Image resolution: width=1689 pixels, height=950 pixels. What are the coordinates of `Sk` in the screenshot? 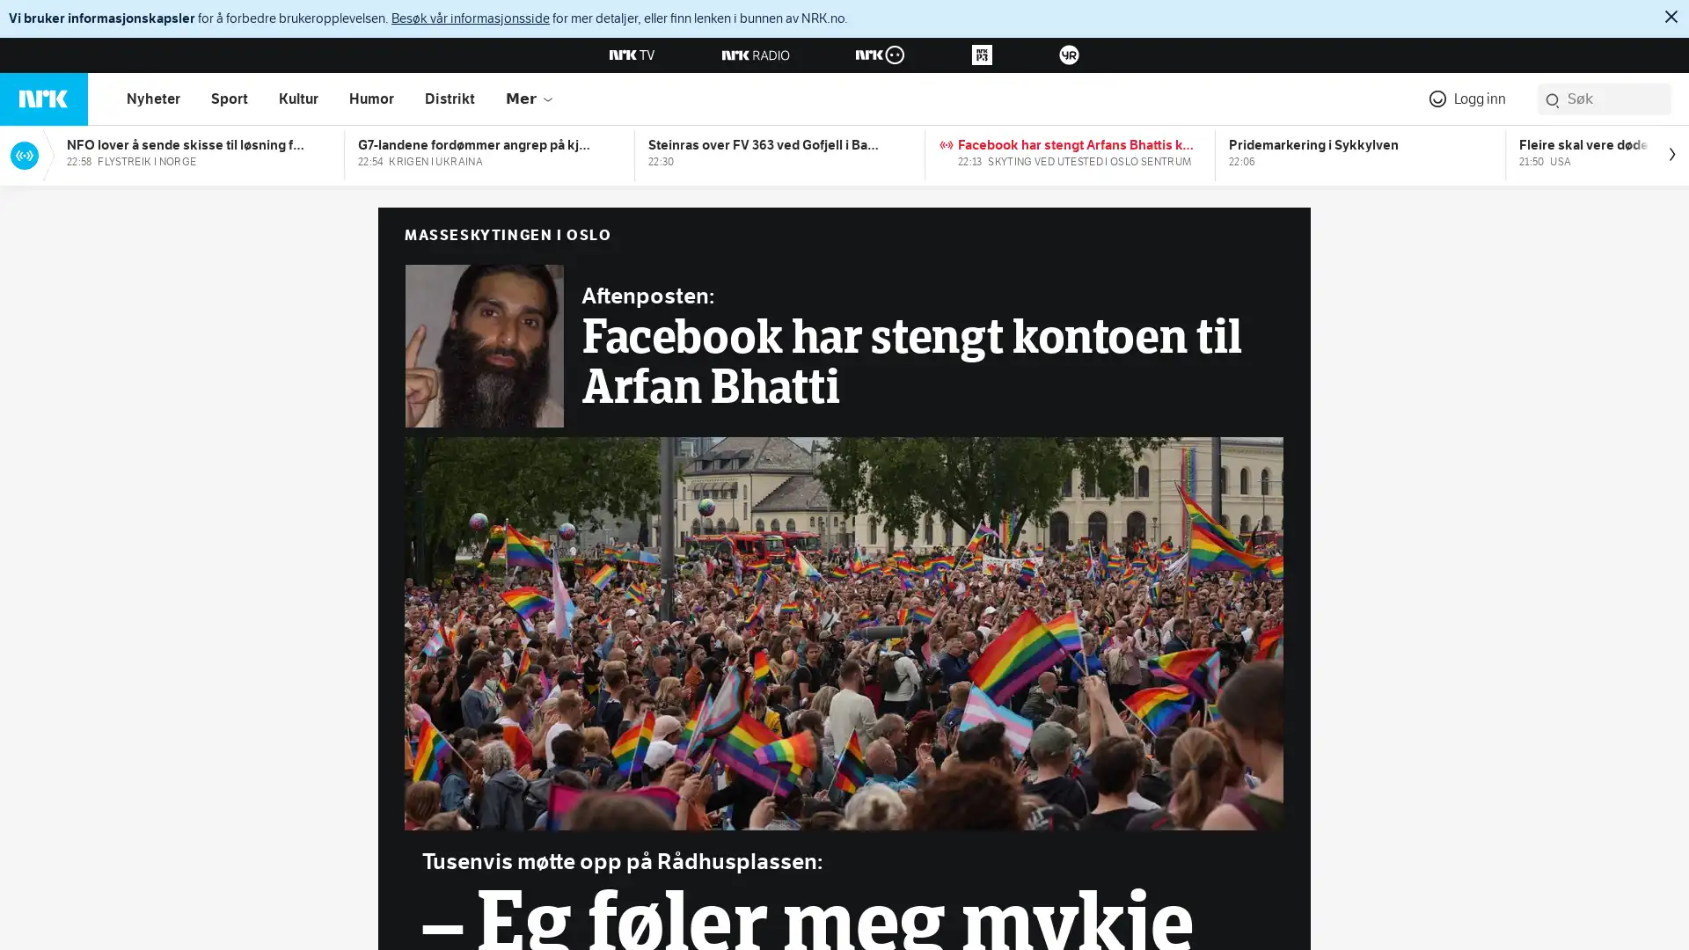 It's located at (1554, 100).